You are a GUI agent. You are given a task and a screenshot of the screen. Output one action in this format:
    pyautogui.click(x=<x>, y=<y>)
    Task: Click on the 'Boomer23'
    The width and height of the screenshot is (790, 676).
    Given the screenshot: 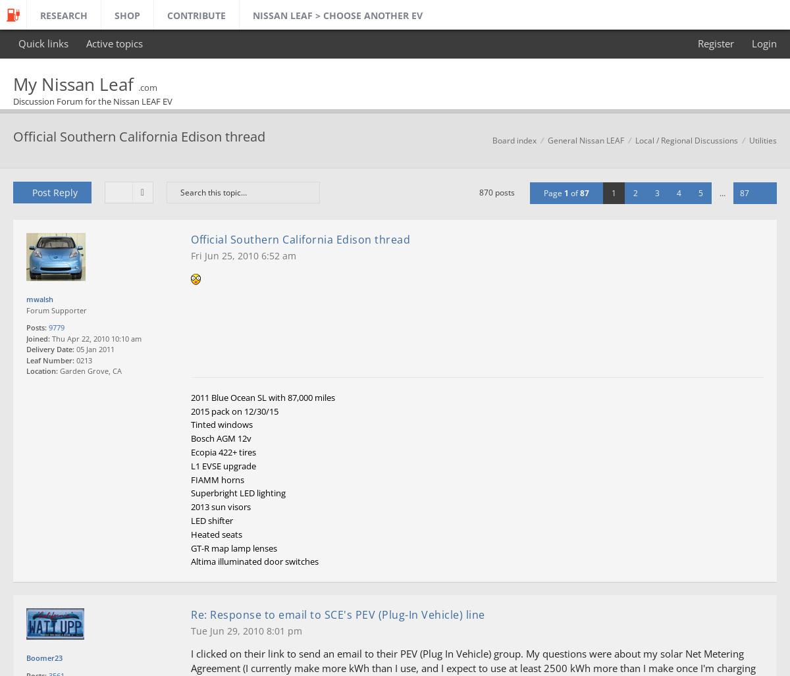 What is the action you would take?
    pyautogui.click(x=44, y=657)
    